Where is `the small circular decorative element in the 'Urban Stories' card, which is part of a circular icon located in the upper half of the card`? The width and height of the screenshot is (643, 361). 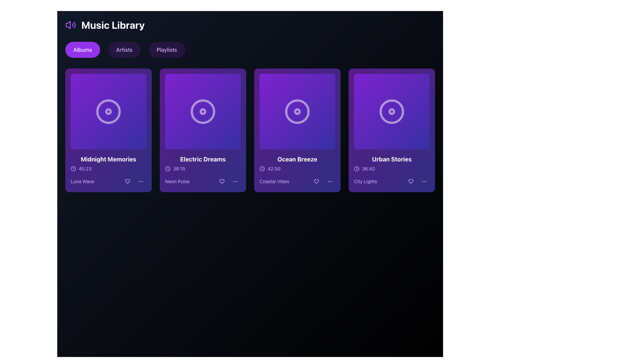 the small circular decorative element in the 'Urban Stories' card, which is part of a circular icon located in the upper half of the card is located at coordinates (392, 111).